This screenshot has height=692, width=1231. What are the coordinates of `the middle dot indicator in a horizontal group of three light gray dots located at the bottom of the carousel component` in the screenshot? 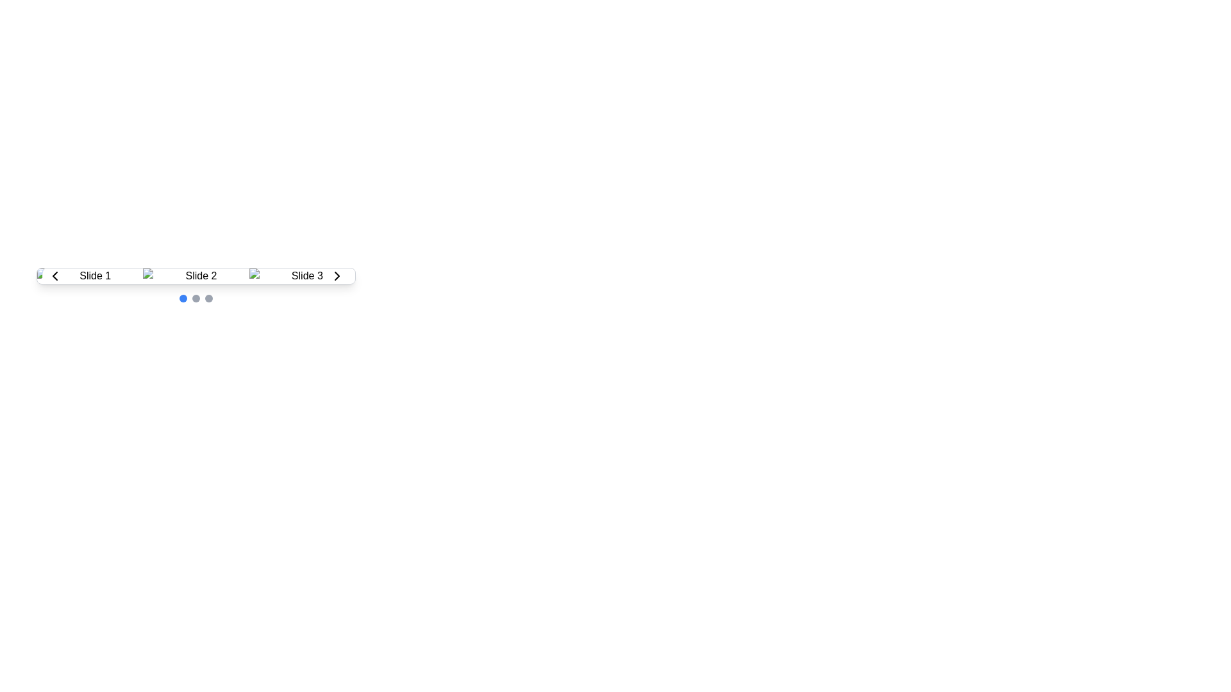 It's located at (196, 284).